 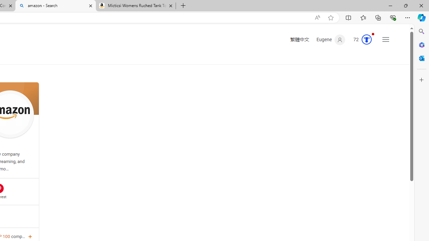 I want to click on 'Microsoft Rewards 72', so click(x=360, y=40).